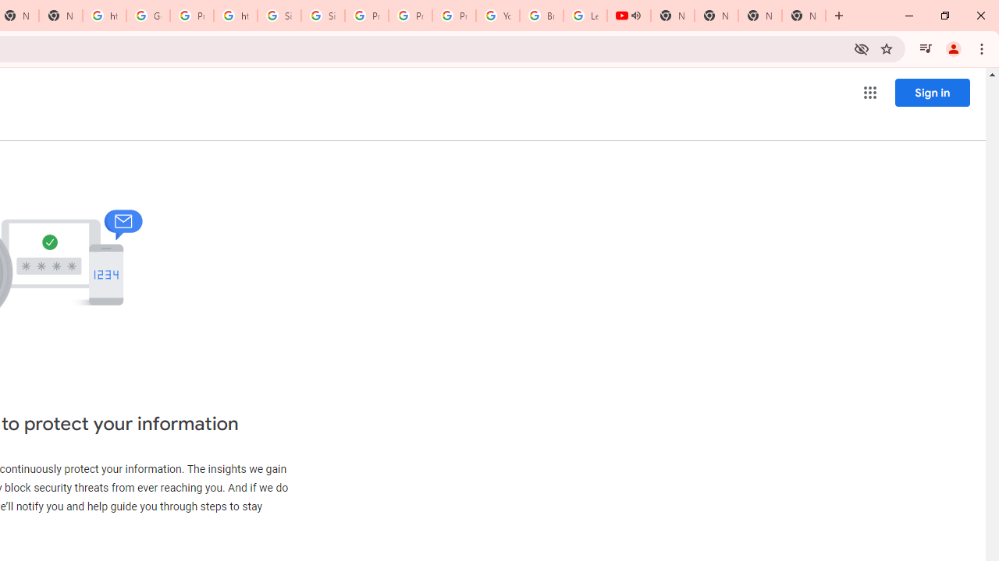  I want to click on 'Google apps', so click(869, 93).